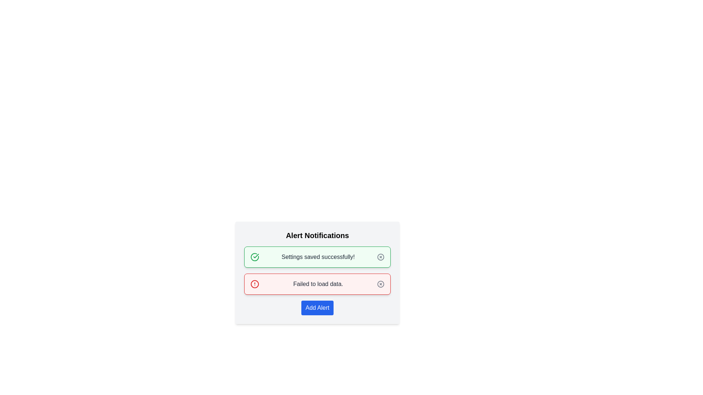 This screenshot has height=395, width=703. What do you see at coordinates (255, 256) in the screenshot?
I see `the circular green checkmark icon indicating a success state, located at the beginning of the alert box with the message 'Settings saved successfully!'` at bounding box center [255, 256].